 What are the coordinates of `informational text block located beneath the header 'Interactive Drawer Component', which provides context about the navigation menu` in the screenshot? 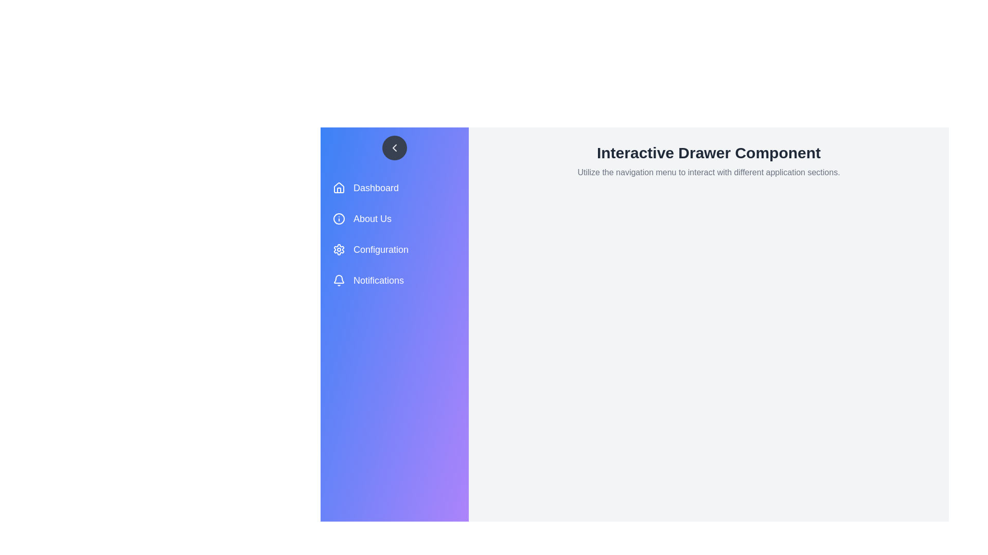 It's located at (708, 172).